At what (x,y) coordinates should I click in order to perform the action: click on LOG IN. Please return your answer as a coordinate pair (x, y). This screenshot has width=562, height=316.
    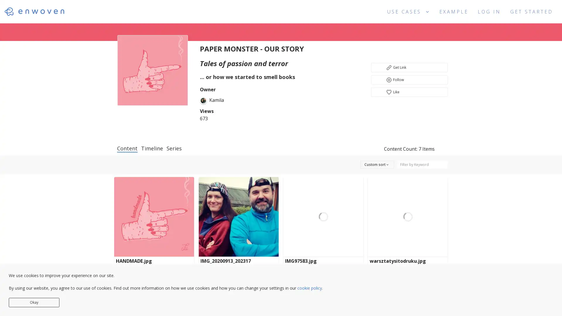
    Looking at the image, I should click on (489, 11).